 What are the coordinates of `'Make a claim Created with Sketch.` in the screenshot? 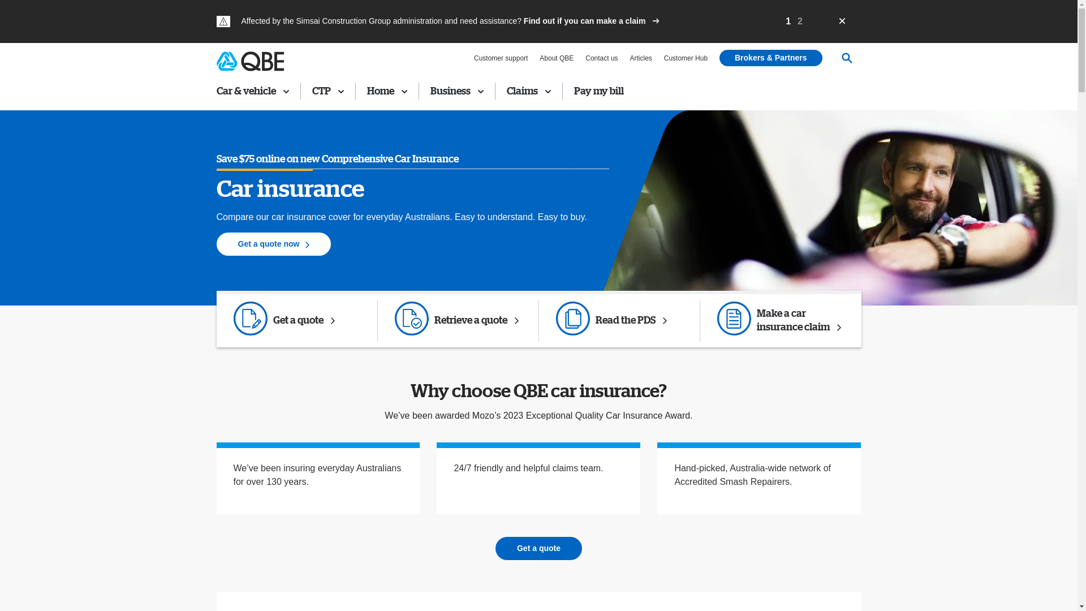 It's located at (784, 321).